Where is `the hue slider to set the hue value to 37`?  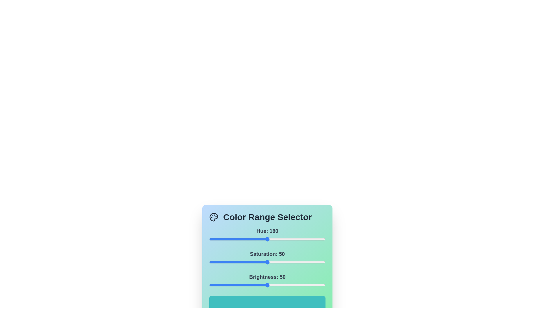
the hue slider to set the hue value to 37 is located at coordinates (221, 239).